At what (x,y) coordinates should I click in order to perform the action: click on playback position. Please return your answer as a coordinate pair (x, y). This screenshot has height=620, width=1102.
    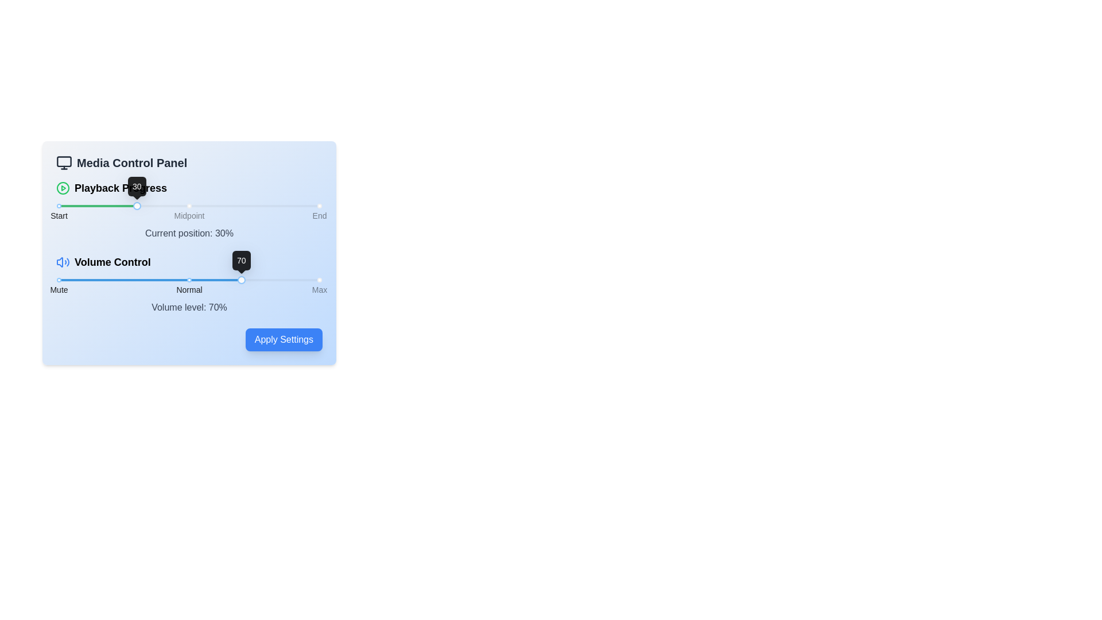
    Looking at the image, I should click on (296, 205).